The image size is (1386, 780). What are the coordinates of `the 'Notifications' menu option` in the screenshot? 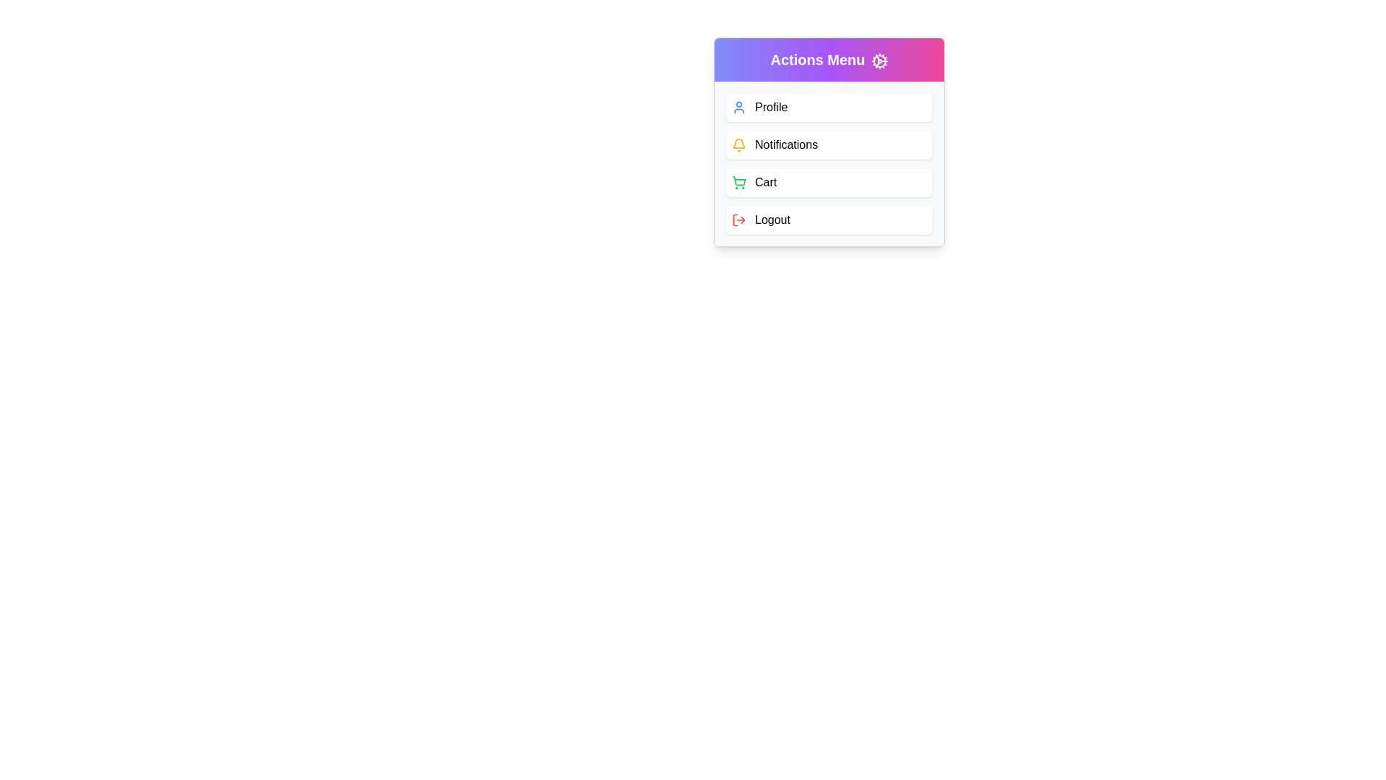 It's located at (829, 144).